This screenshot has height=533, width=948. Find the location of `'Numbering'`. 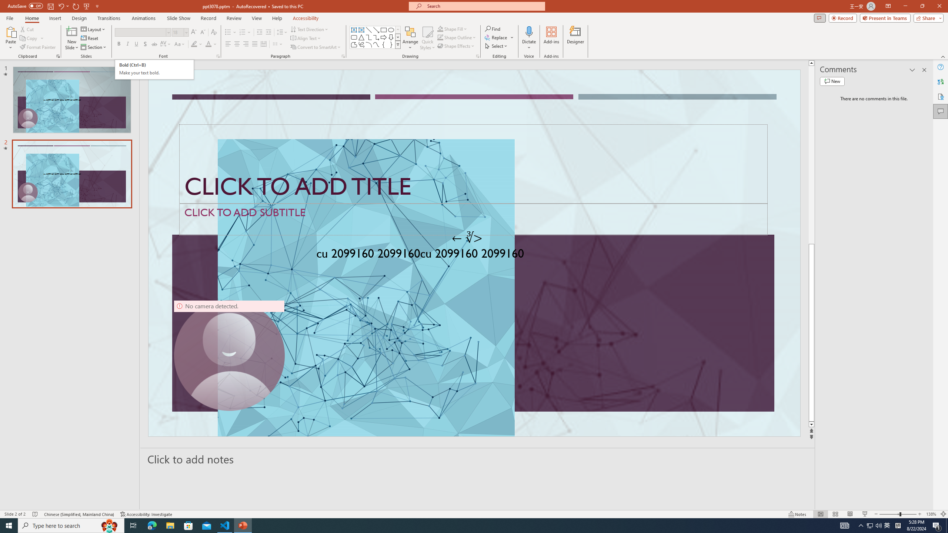

'Numbering' is located at coordinates (243, 32).